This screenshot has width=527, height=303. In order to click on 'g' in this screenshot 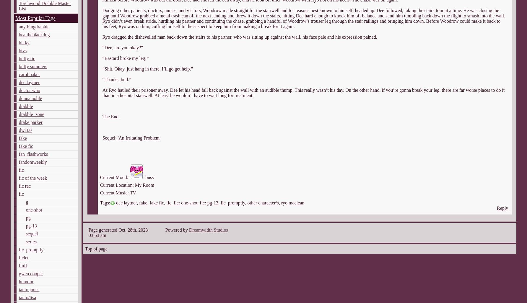, I will do `click(27, 202)`.